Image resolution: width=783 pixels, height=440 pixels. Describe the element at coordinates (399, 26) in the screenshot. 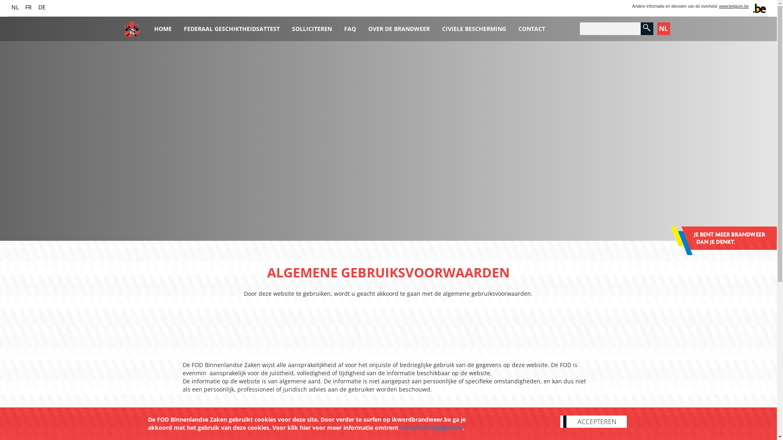

I see `'OVER DE BRANDWEER'` at that location.